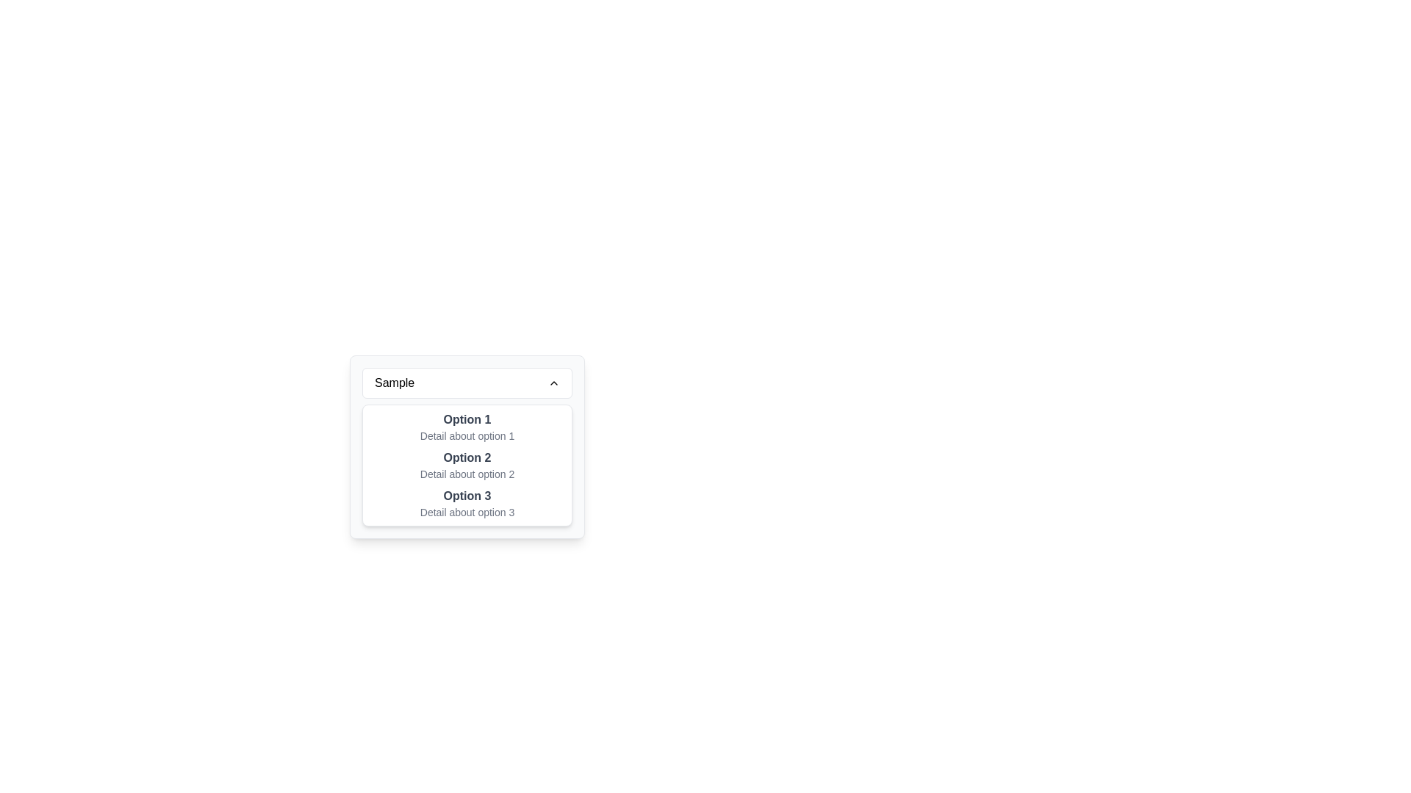 This screenshot has width=1411, height=793. I want to click on the selectable list item labeled 'Option 2', so click(466, 465).